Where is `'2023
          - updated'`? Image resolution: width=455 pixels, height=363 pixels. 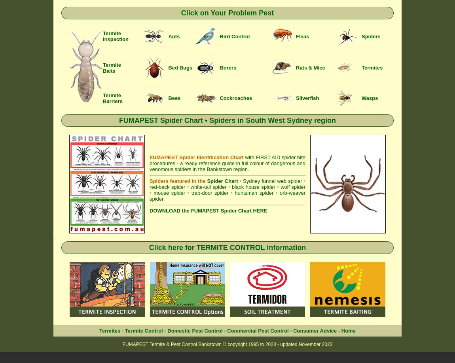 '2023
          - updated' is located at coordinates (281, 344).